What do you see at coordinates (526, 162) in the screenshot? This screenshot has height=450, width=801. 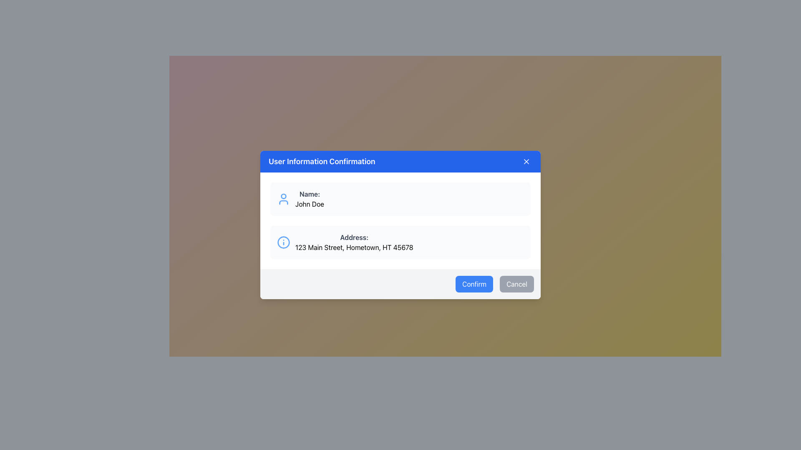 I see `the 'X' icon element of the close button located in the top-right corner of the modal dialog box` at bounding box center [526, 162].